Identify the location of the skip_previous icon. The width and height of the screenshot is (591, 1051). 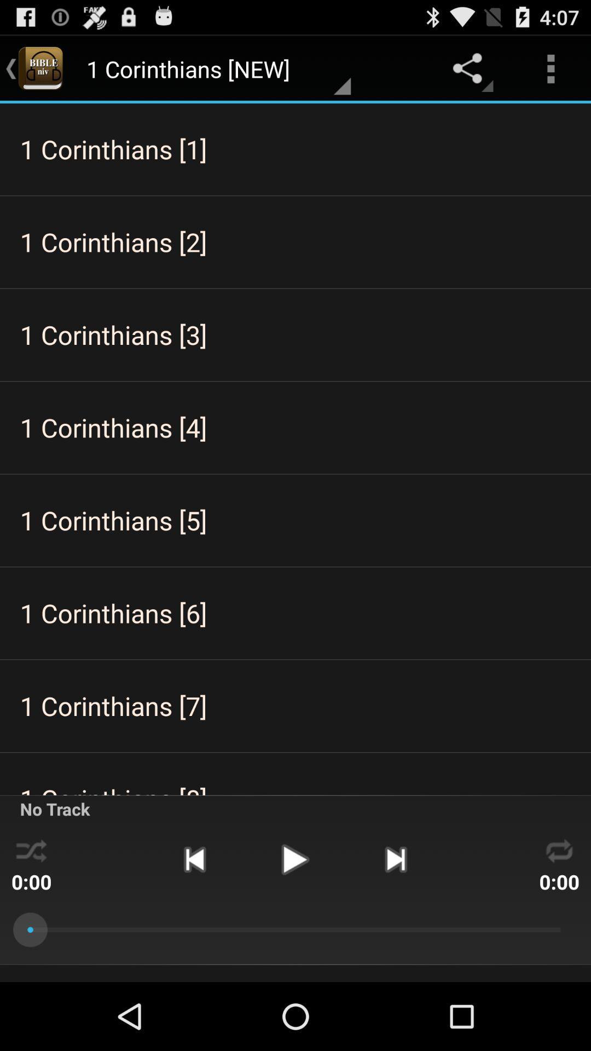
(194, 920).